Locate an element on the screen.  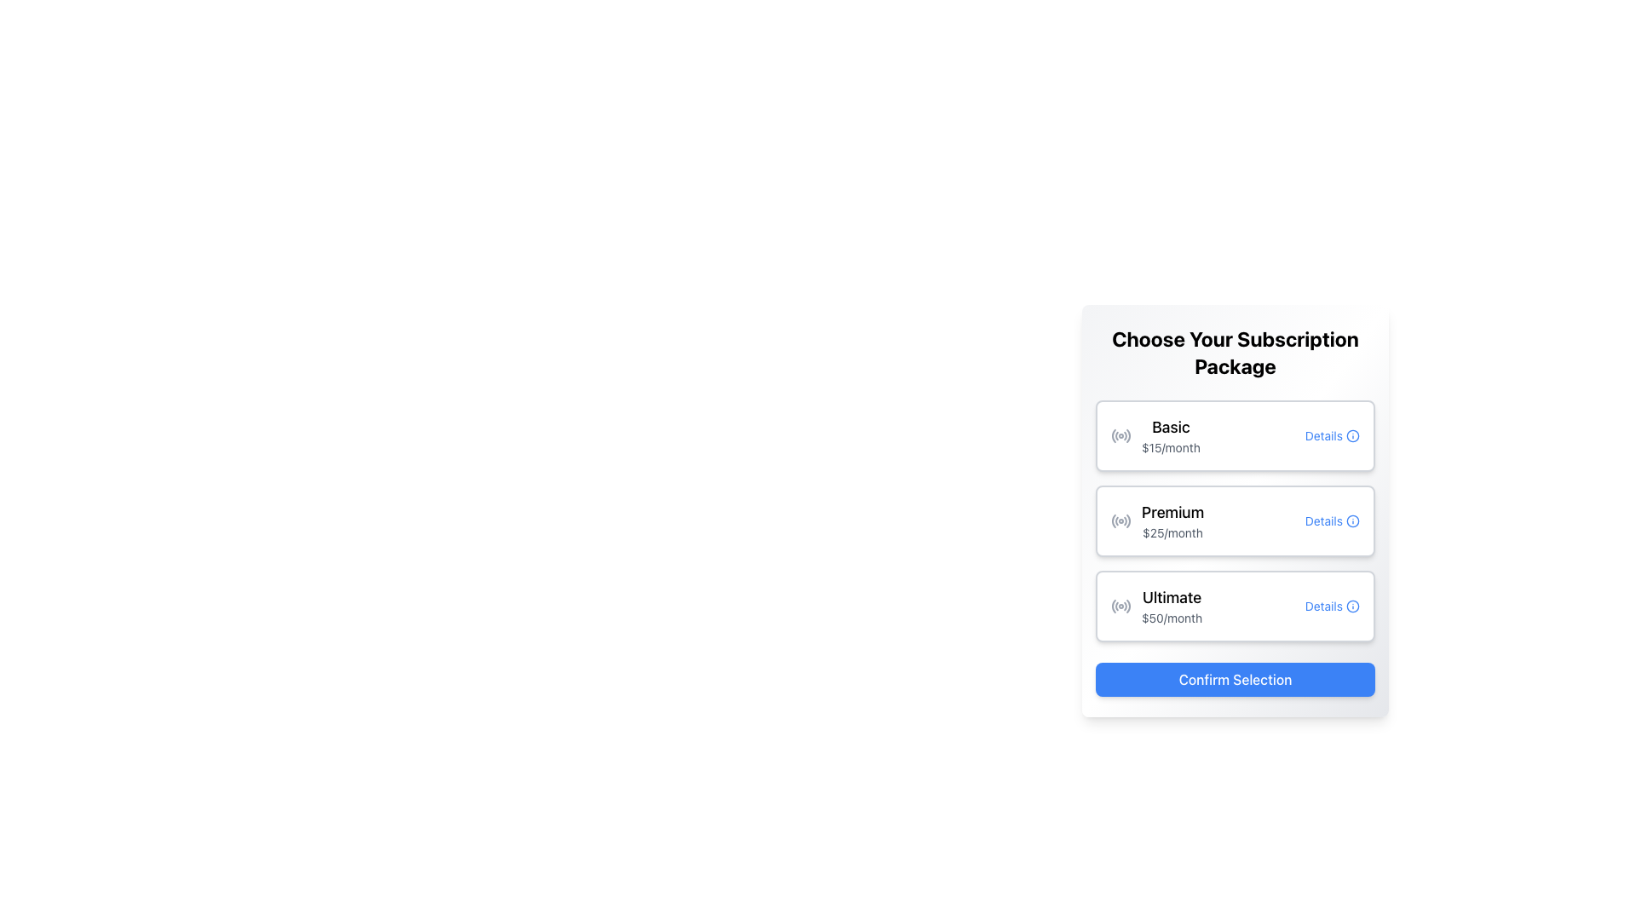
the header text labeled 'Choose Your Subscription Package', which is a bold, large text element centrally aligned at the top of the subscription options section is located at coordinates (1235, 351).